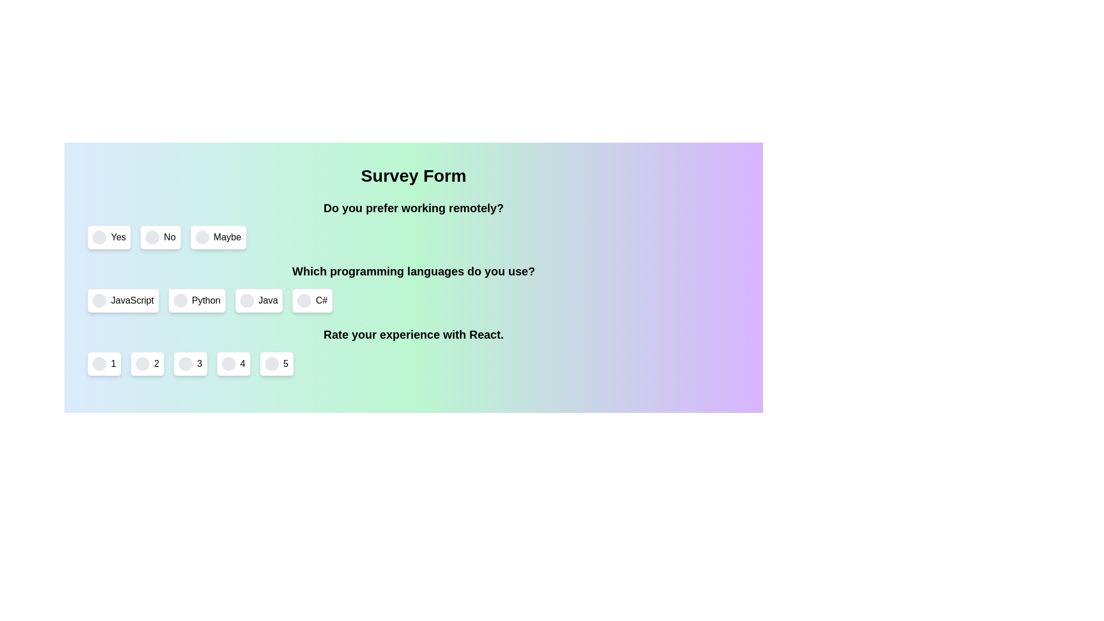 This screenshot has height=621, width=1104. Describe the element at coordinates (197, 300) in the screenshot. I see `the checkbox labeled 'Python', which features a hollow circular indicator with a gray outline, located in the programming language selection section` at that location.